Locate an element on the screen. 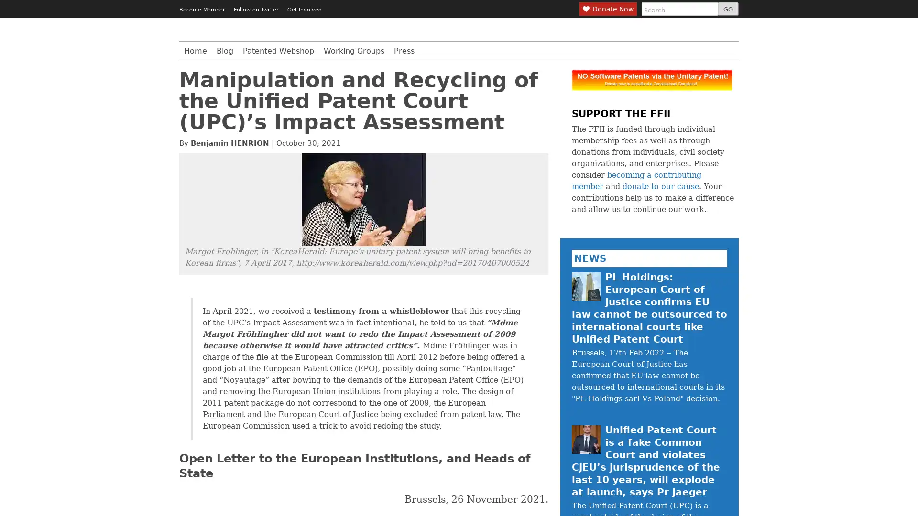 This screenshot has height=516, width=918. GO is located at coordinates (727, 9).